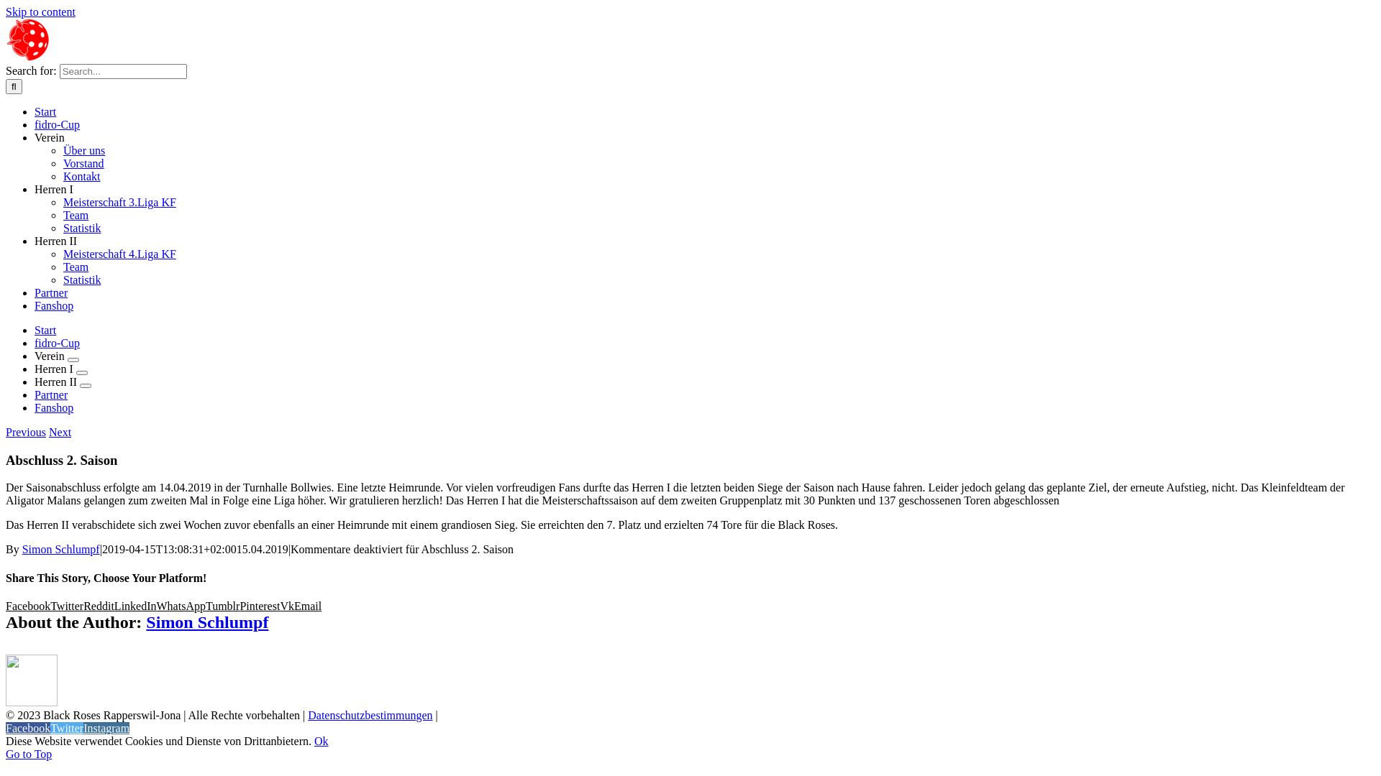  What do you see at coordinates (119, 253) in the screenshot?
I see `'Meisterschaft 4.Liga KF'` at bounding box center [119, 253].